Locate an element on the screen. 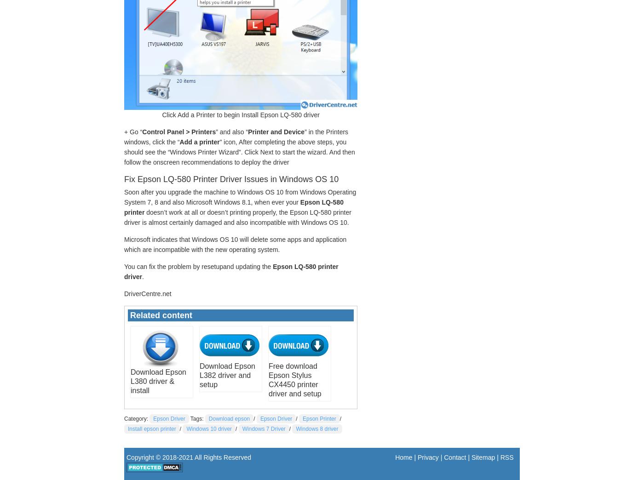 This screenshot has width=644, height=480. 'doesn’t work at all or doesn’t printing properly, the Epson LQ-580 printer driver is almost certainly damaged and also incompatible with Windows OS 10.' is located at coordinates (237, 217).